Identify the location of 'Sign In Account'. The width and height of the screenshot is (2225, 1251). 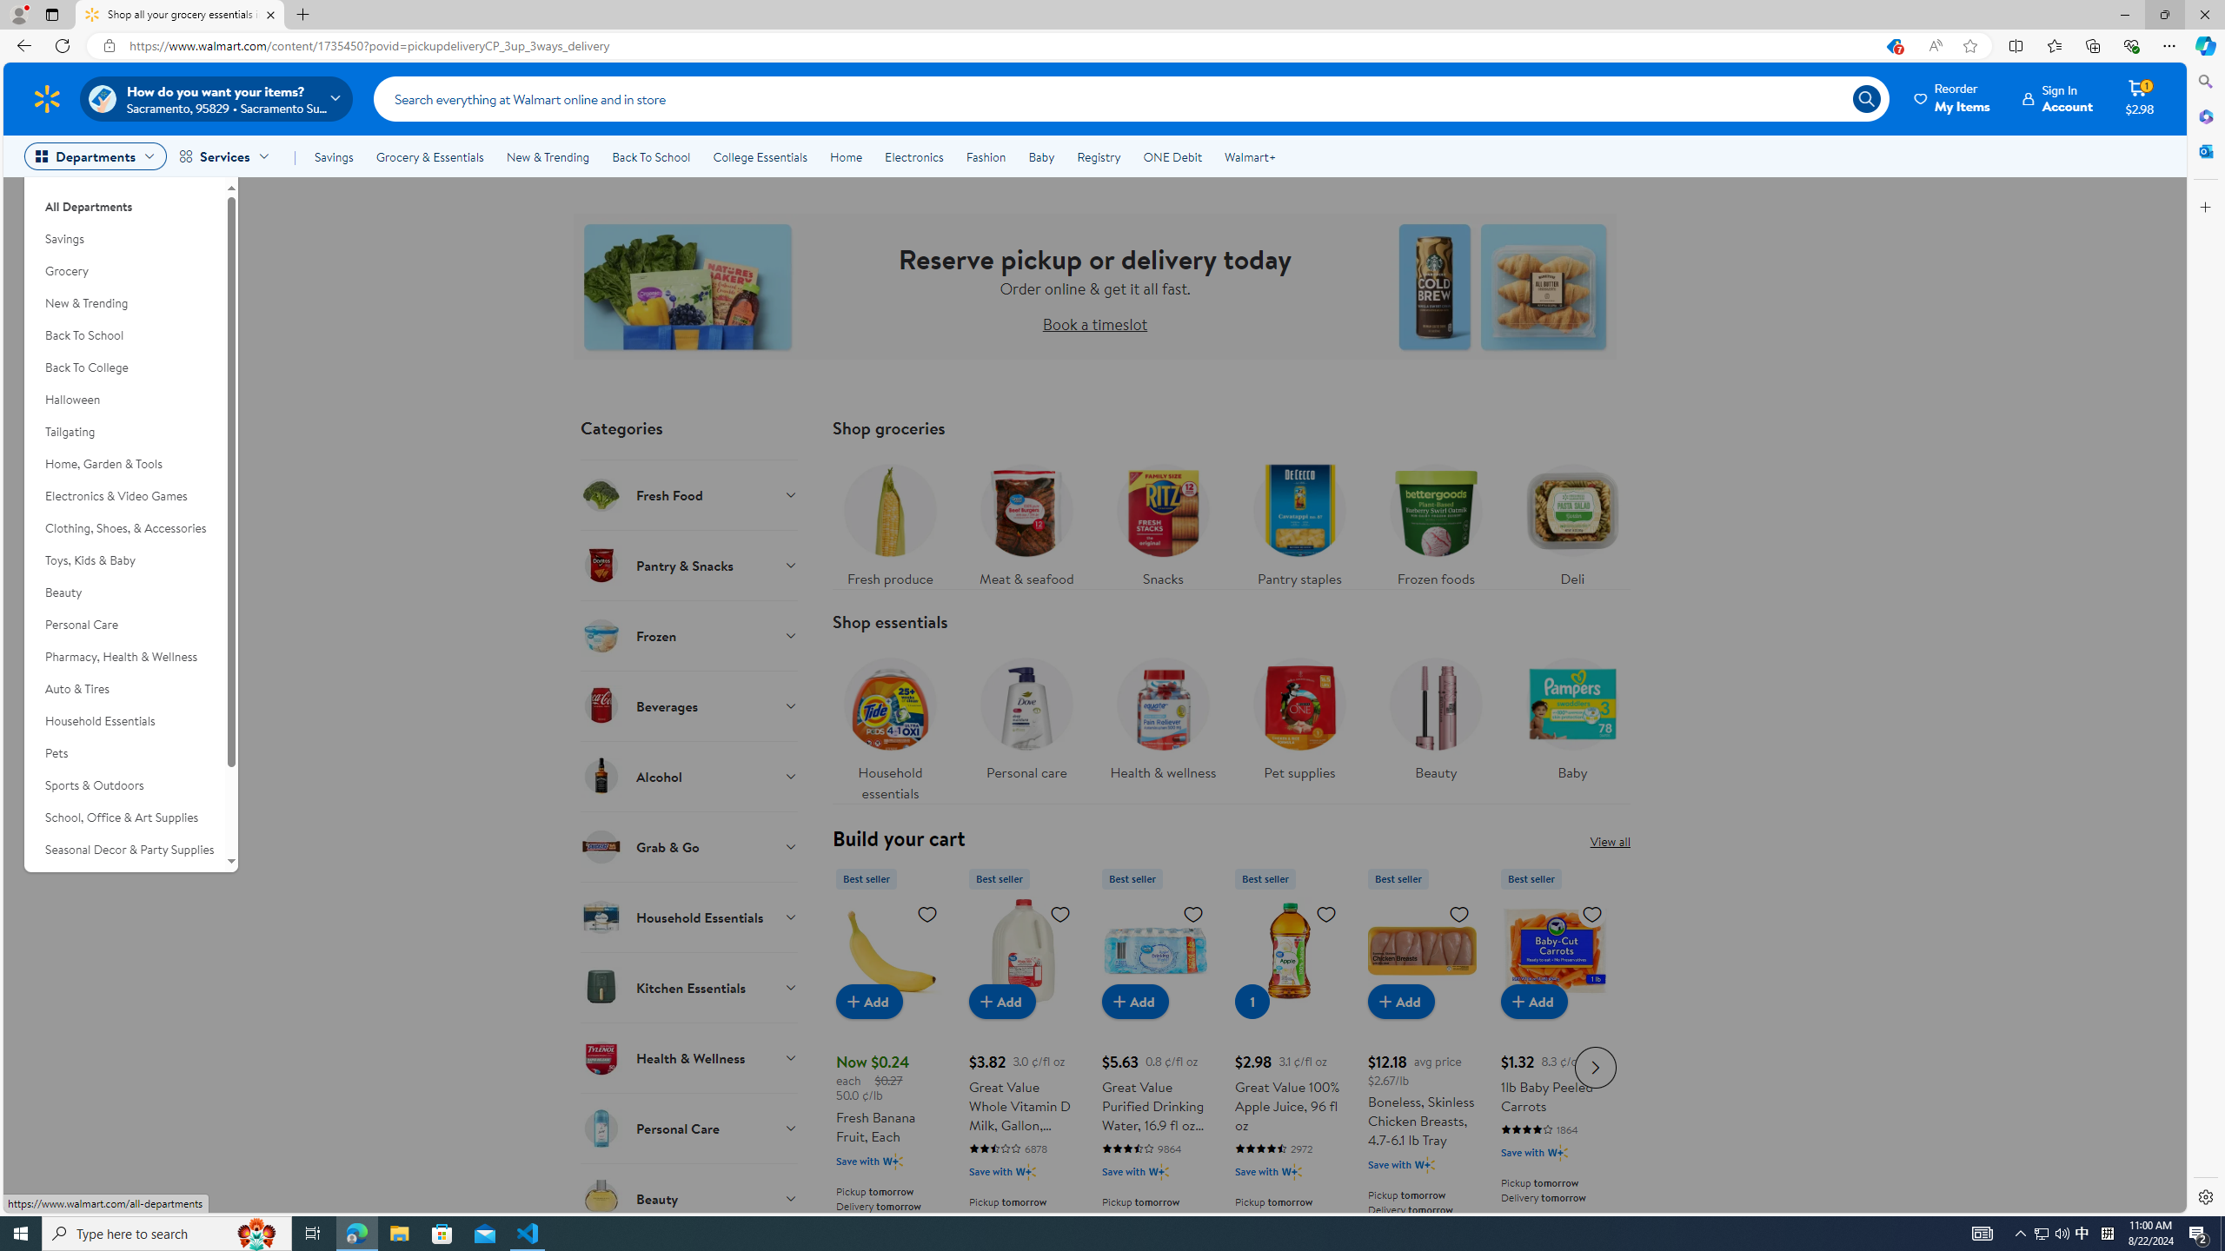
(2058, 97).